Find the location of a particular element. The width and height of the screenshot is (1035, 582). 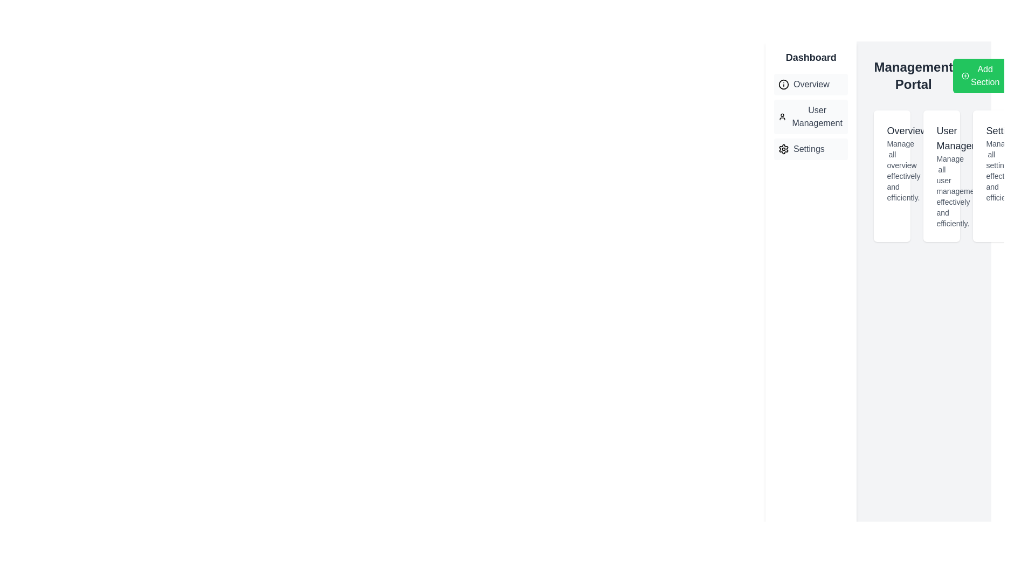

the non-interactive Text label that serves as a title for the sidebar or navigation menu, located at the top of the sidebar above the items 'Overview', 'User Management', and 'Settings' is located at coordinates (811, 58).